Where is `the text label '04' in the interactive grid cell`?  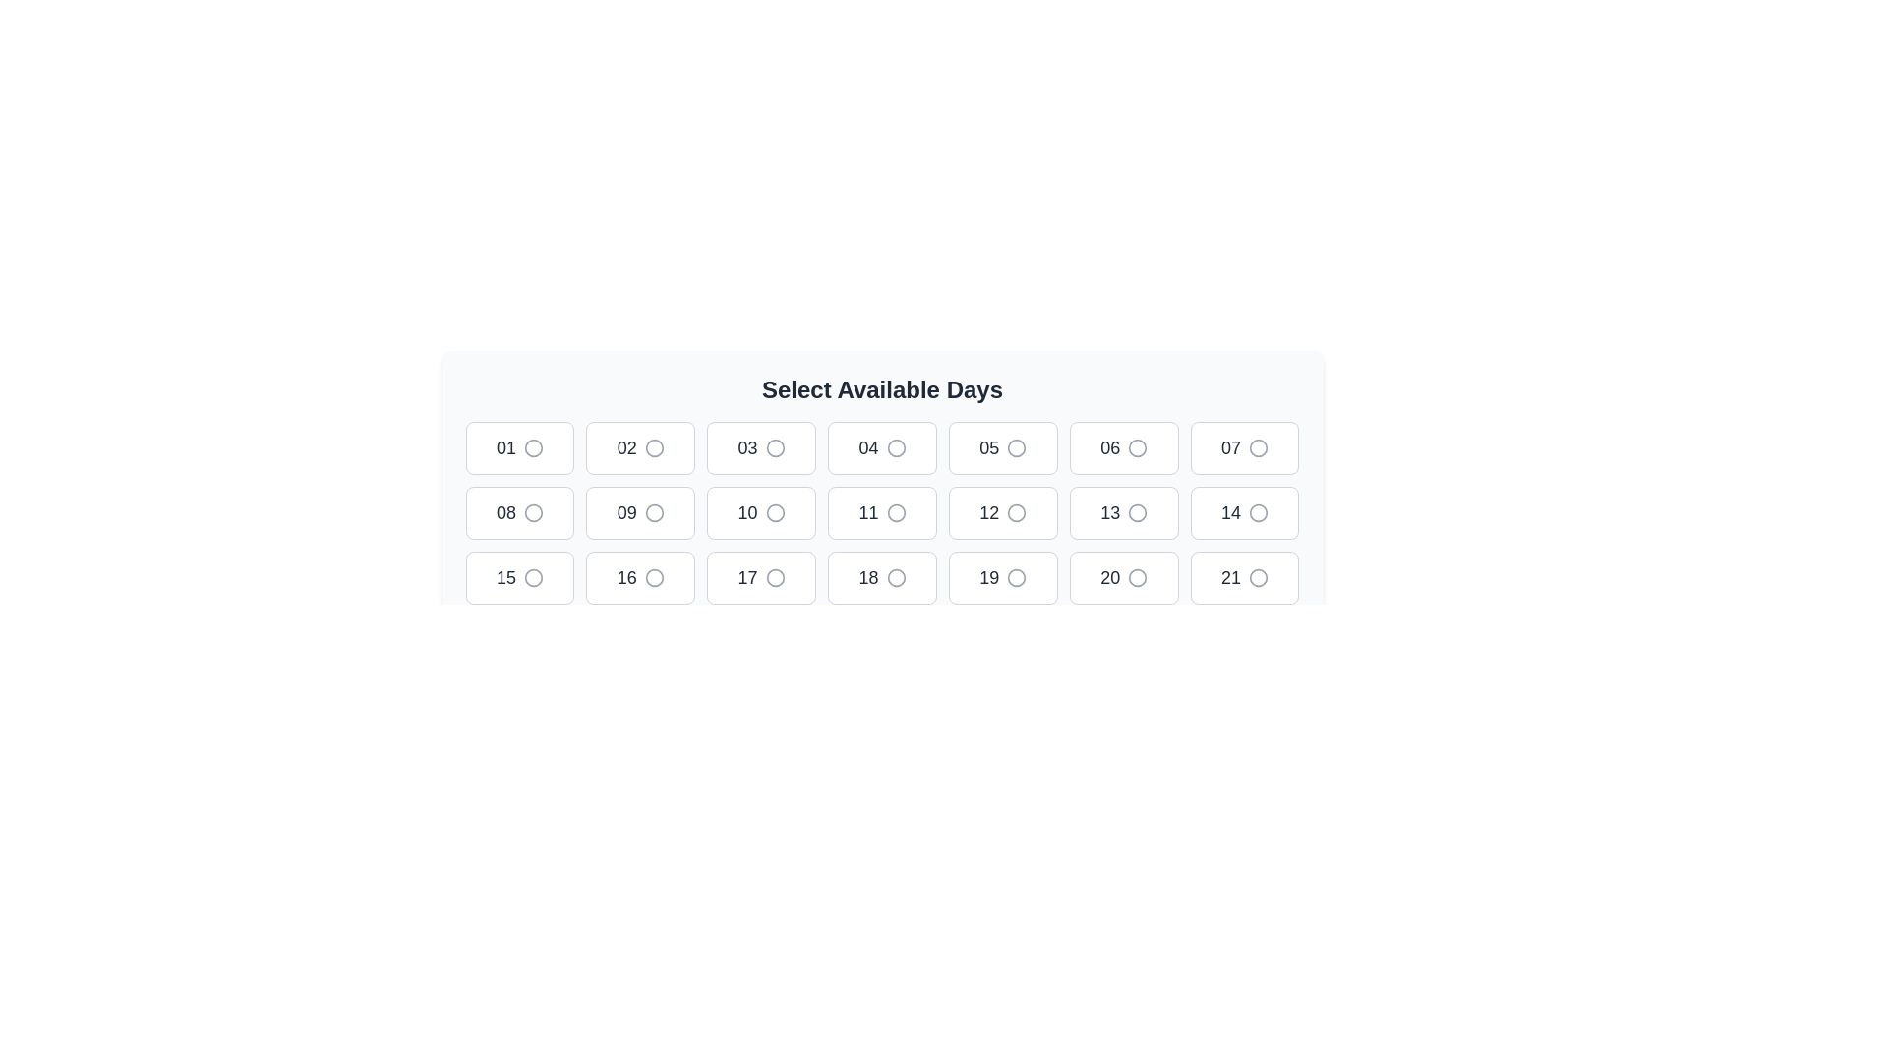
the text label '04' in the interactive grid cell is located at coordinates (867, 447).